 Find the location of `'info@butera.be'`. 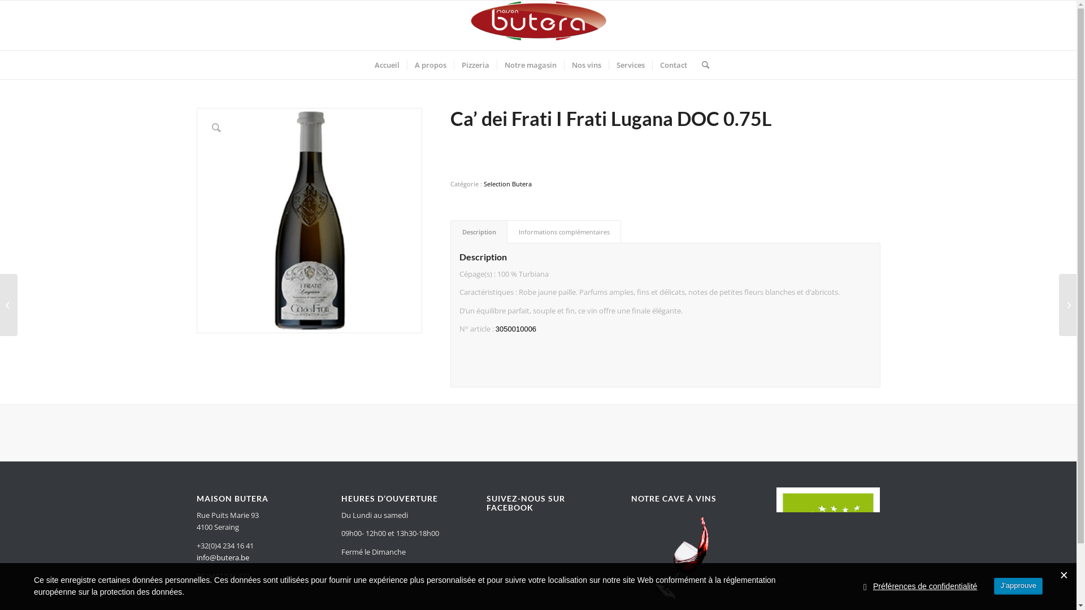

'info@butera.be' is located at coordinates (223, 557).